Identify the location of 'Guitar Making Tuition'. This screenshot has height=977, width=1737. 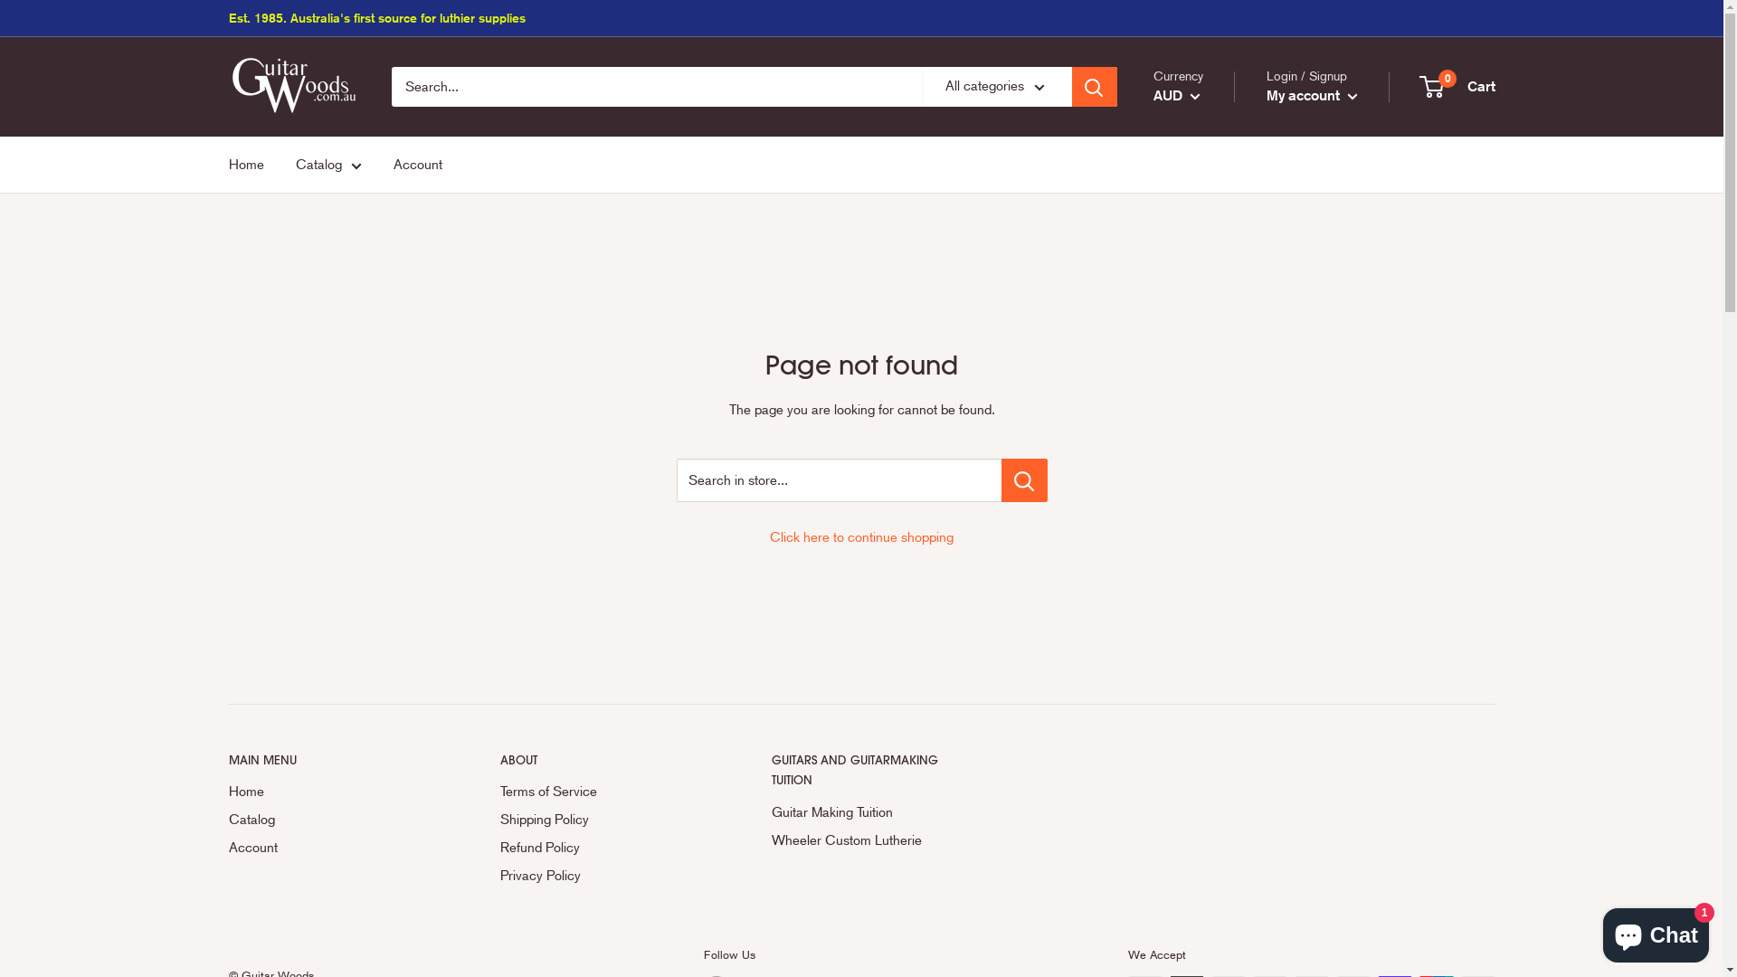
(874, 811).